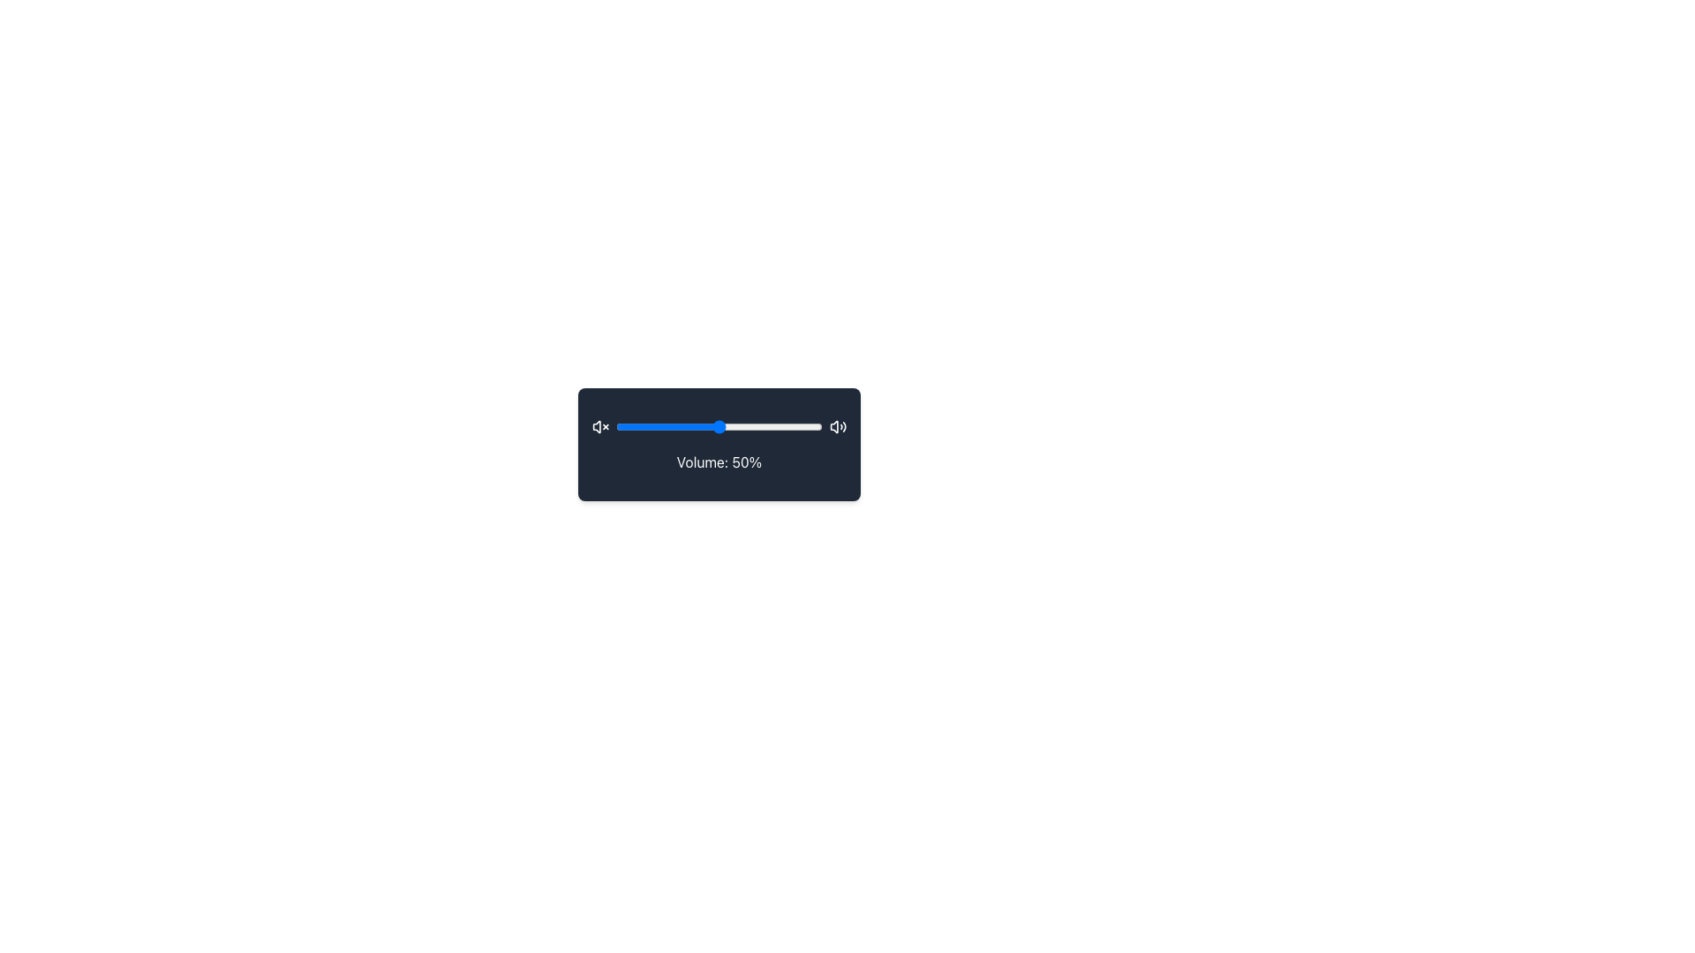 This screenshot has width=1695, height=953. Describe the element at coordinates (806, 426) in the screenshot. I see `the volume` at that location.